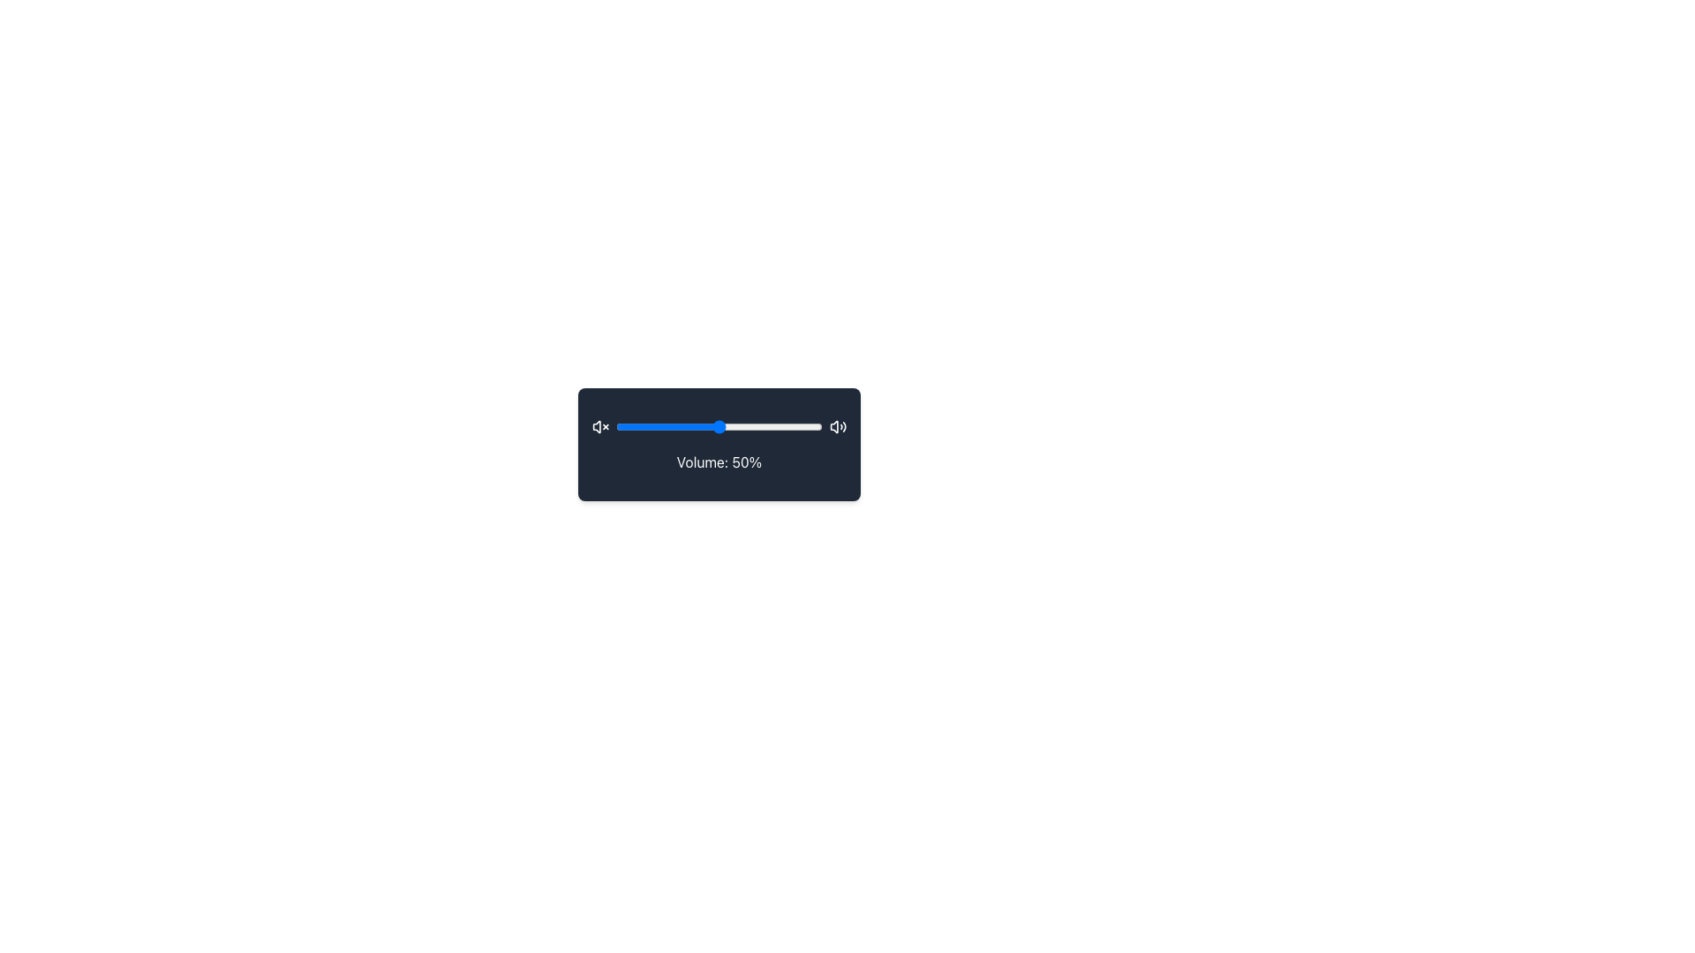 This screenshot has width=1695, height=953. Describe the element at coordinates (806, 426) in the screenshot. I see `the volume` at that location.